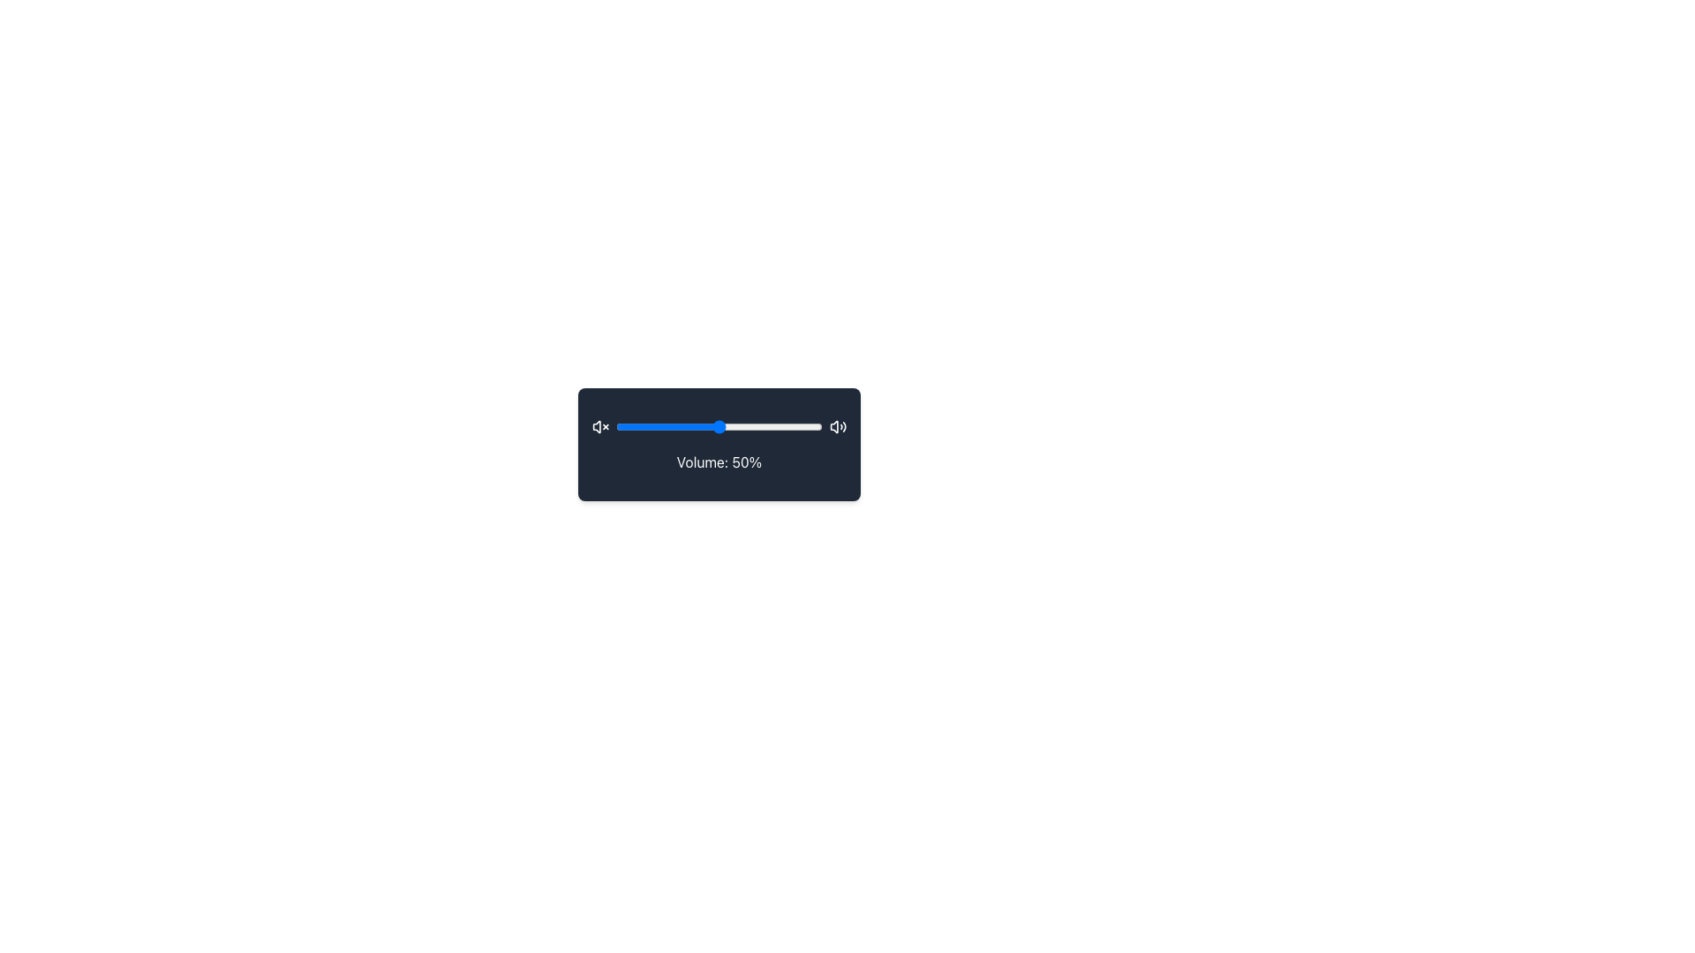 This screenshot has width=1695, height=953. Describe the element at coordinates (806, 426) in the screenshot. I see `the volume` at that location.